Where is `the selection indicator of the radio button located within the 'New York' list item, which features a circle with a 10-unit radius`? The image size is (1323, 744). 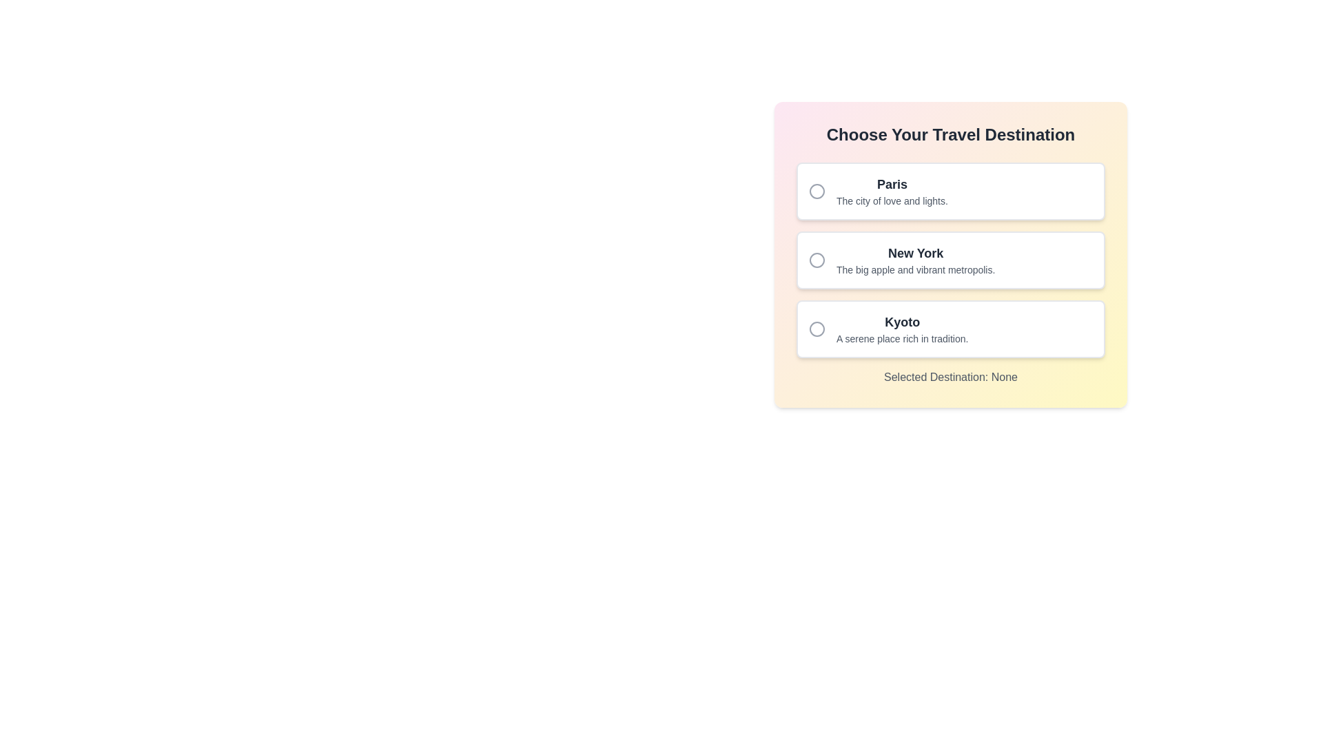
the selection indicator of the radio button located within the 'New York' list item, which features a circle with a 10-unit radius is located at coordinates (817, 260).